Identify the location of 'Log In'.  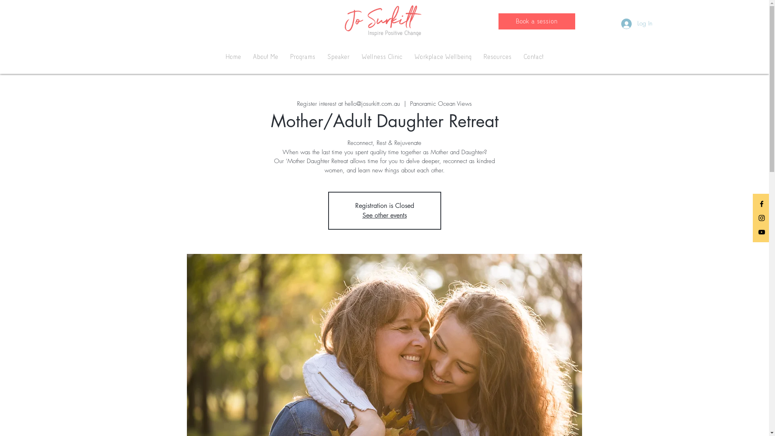
(636, 23).